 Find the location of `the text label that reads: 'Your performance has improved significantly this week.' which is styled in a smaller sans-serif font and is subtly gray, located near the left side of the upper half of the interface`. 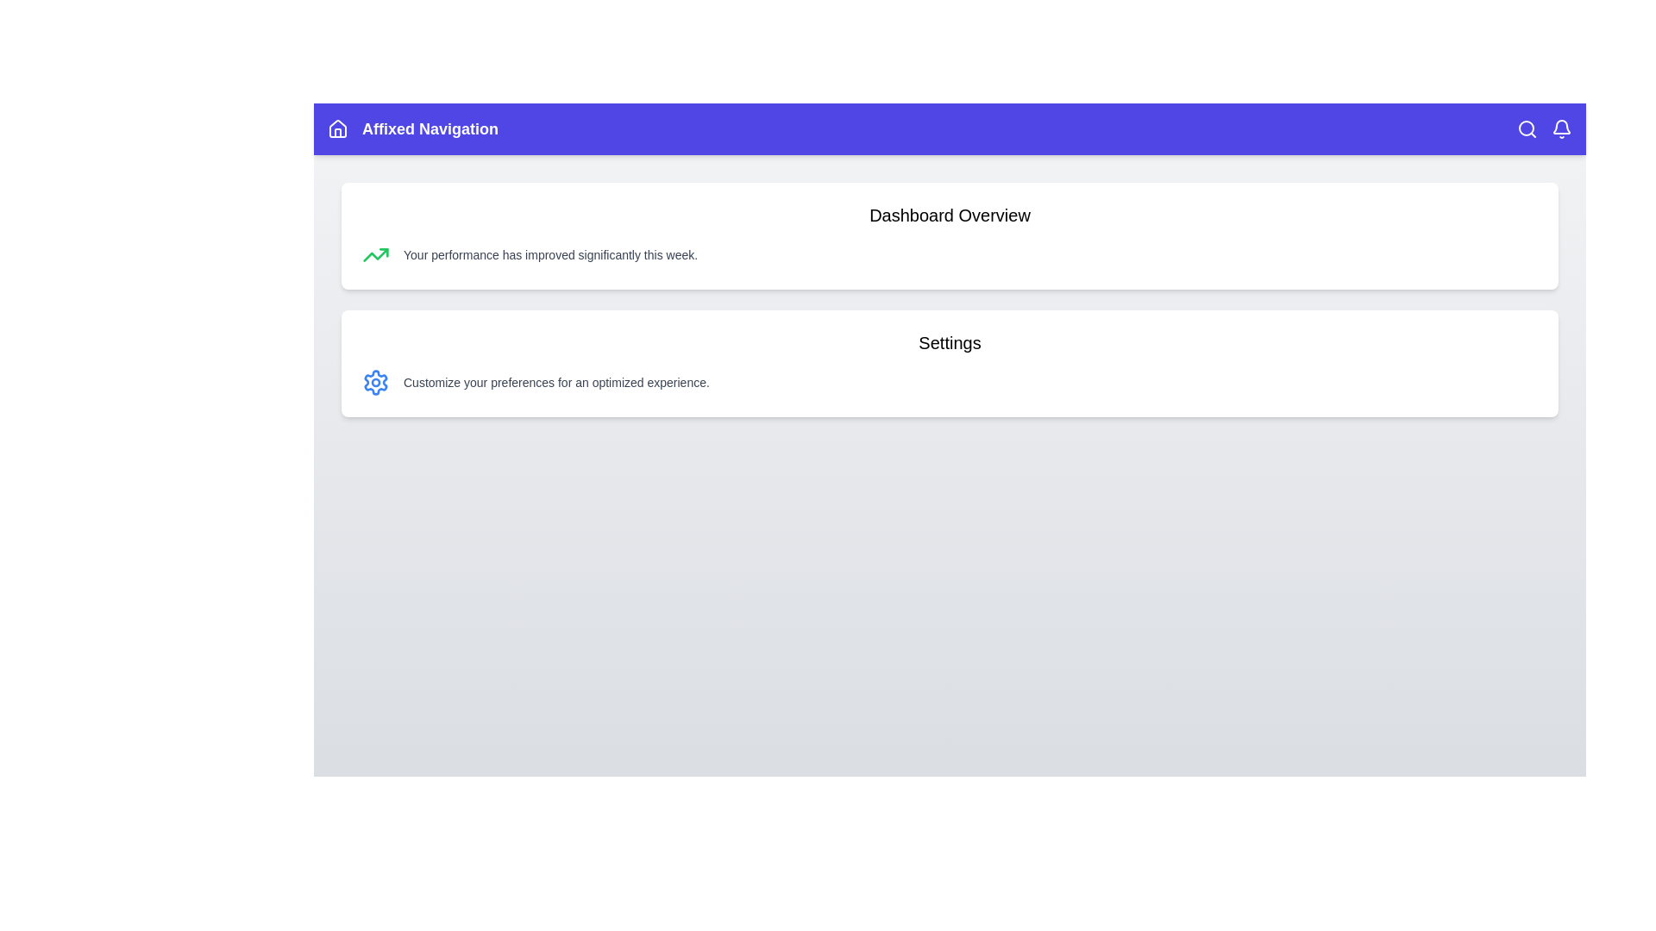

the text label that reads: 'Your performance has improved significantly this week.' which is styled in a smaller sans-serif font and is subtly gray, located near the left side of the upper half of the interface is located at coordinates (549, 255).